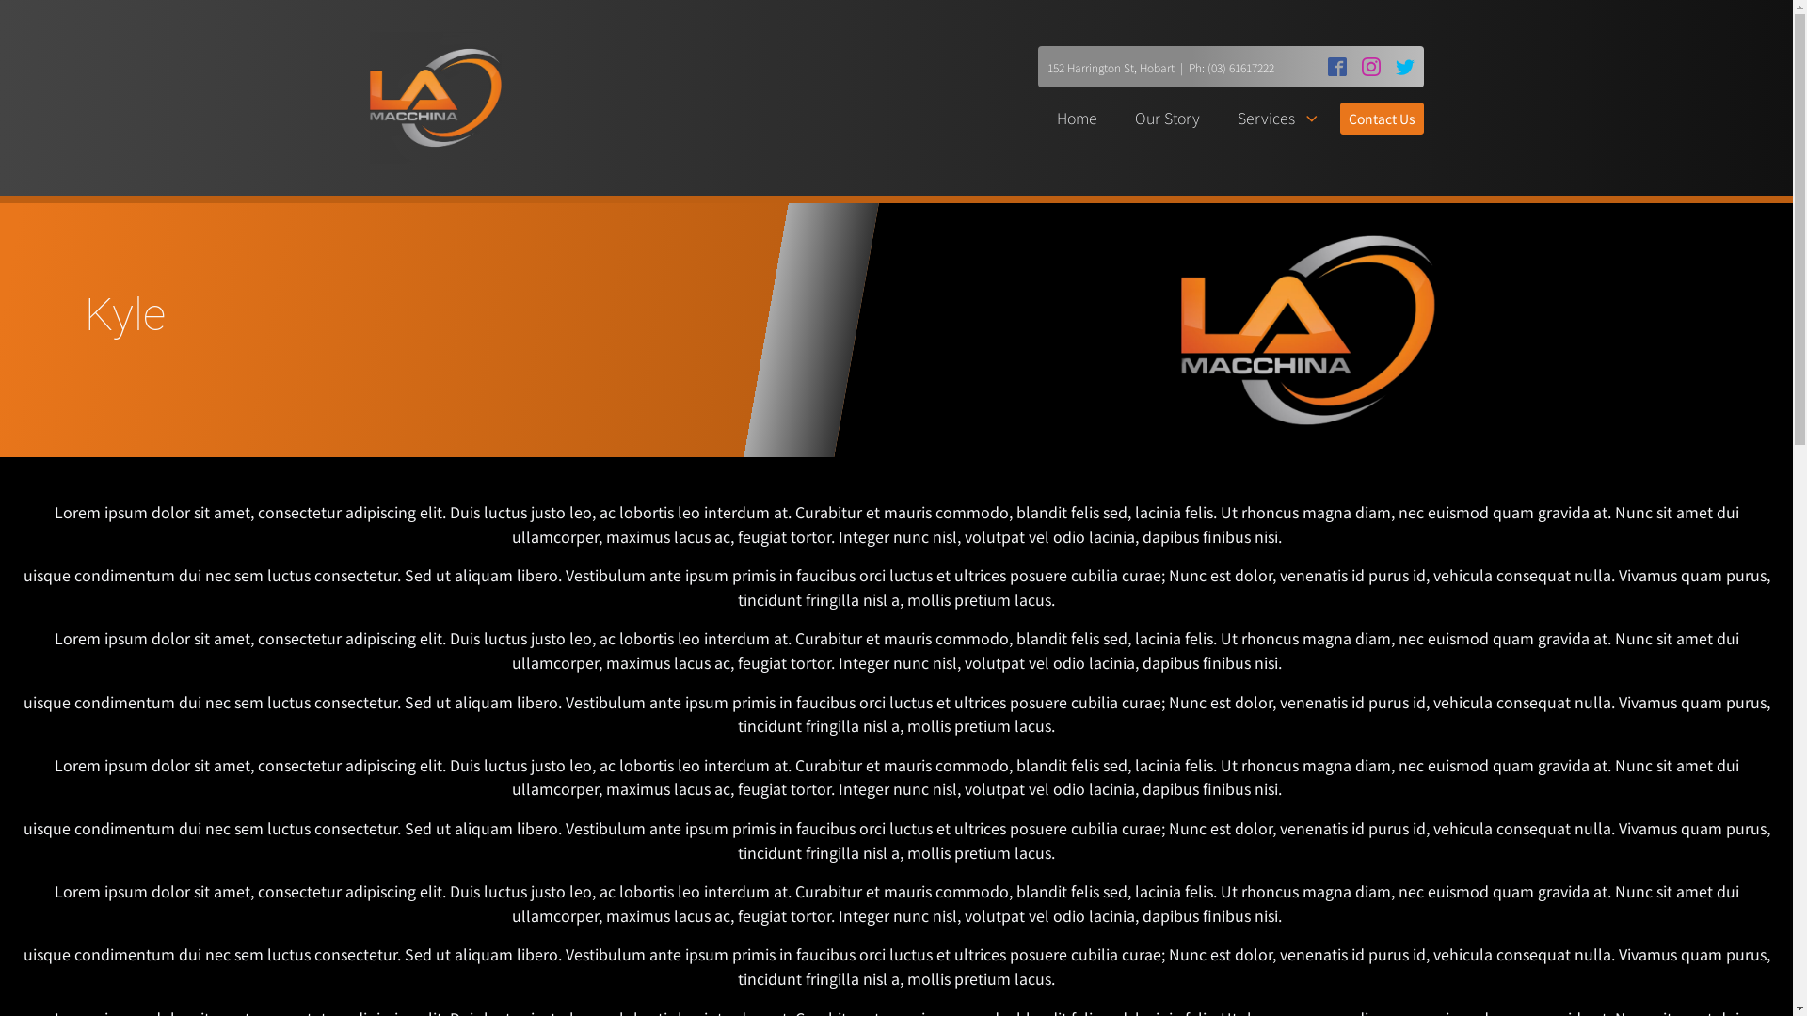 This screenshot has height=1016, width=1807. I want to click on 'Home', so click(1057, 119).